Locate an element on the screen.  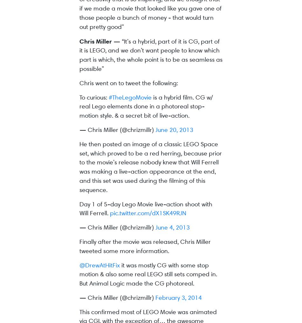
'#TheLegoMovie' is located at coordinates (130, 97).